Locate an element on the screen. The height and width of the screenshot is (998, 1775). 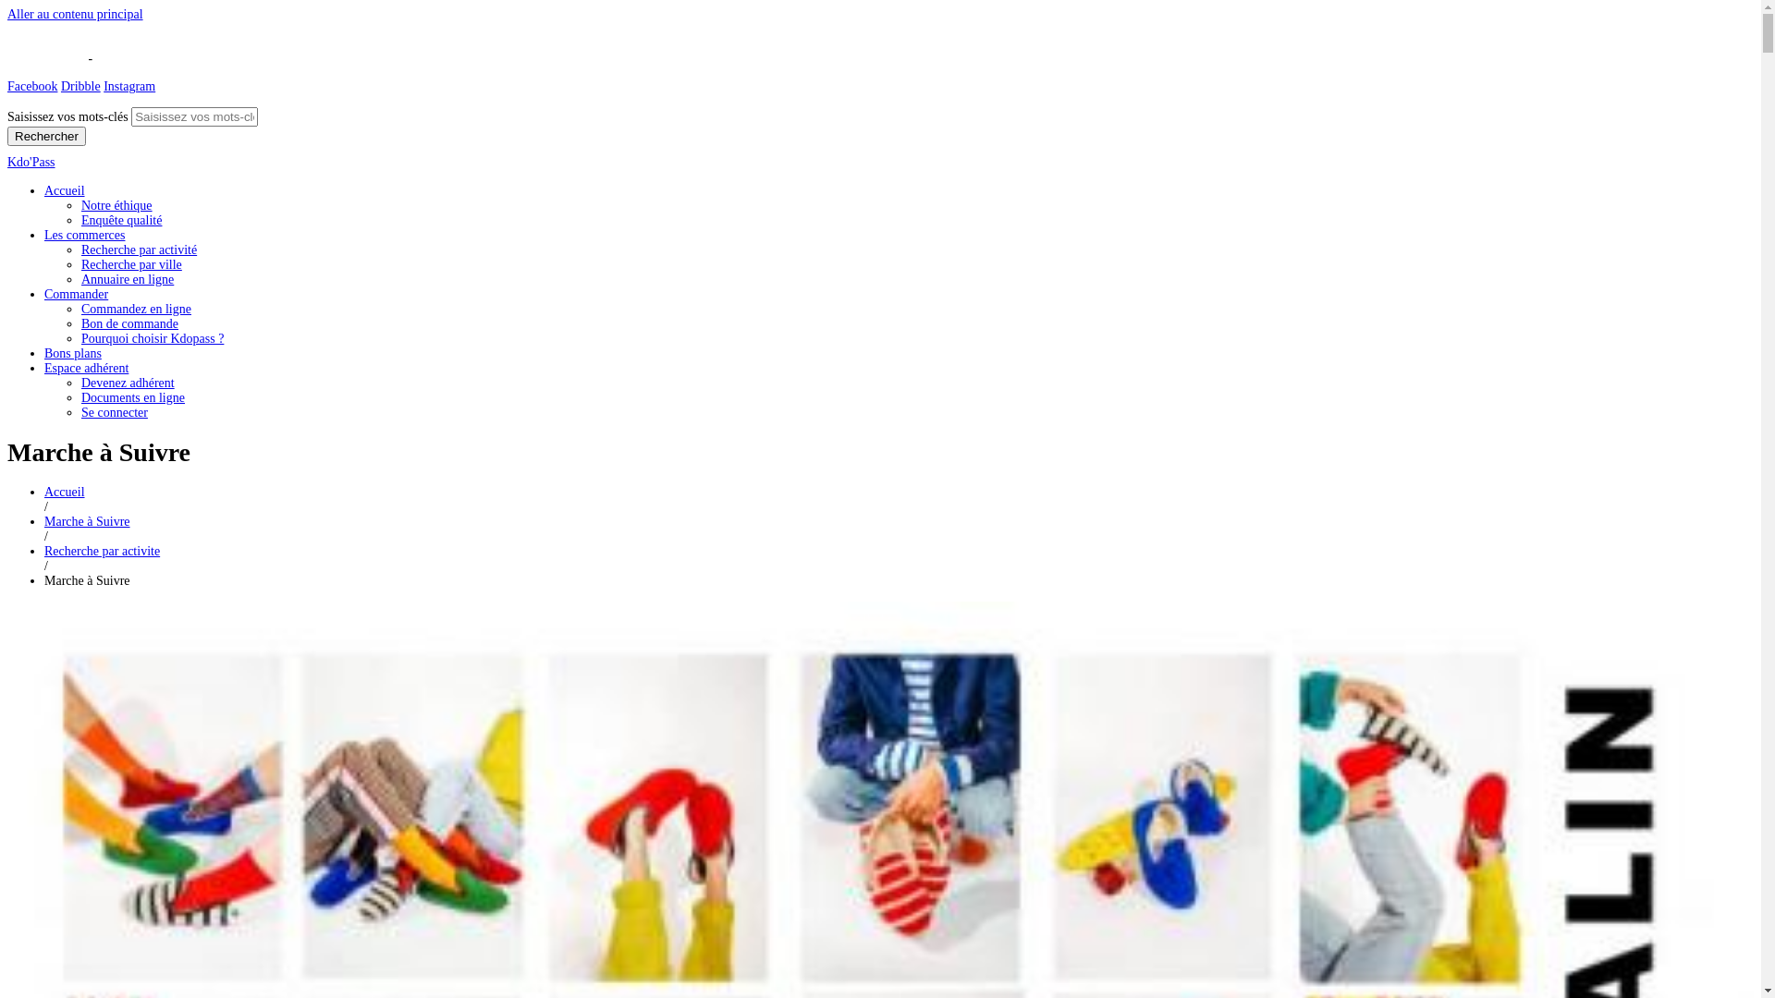
'Bon de commande' is located at coordinates (80, 323).